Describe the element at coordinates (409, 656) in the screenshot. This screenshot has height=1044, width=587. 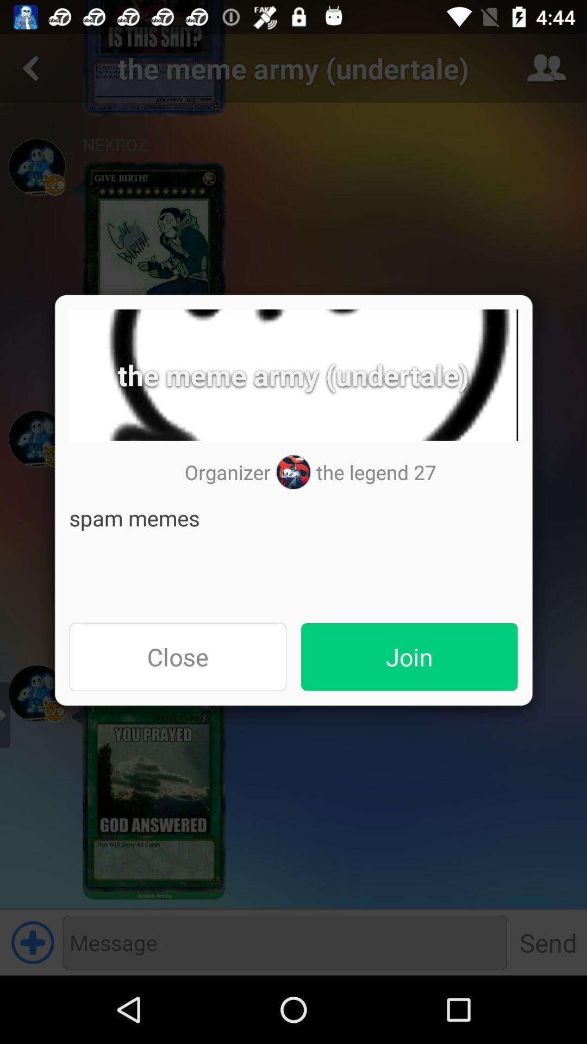
I see `the join button` at that location.